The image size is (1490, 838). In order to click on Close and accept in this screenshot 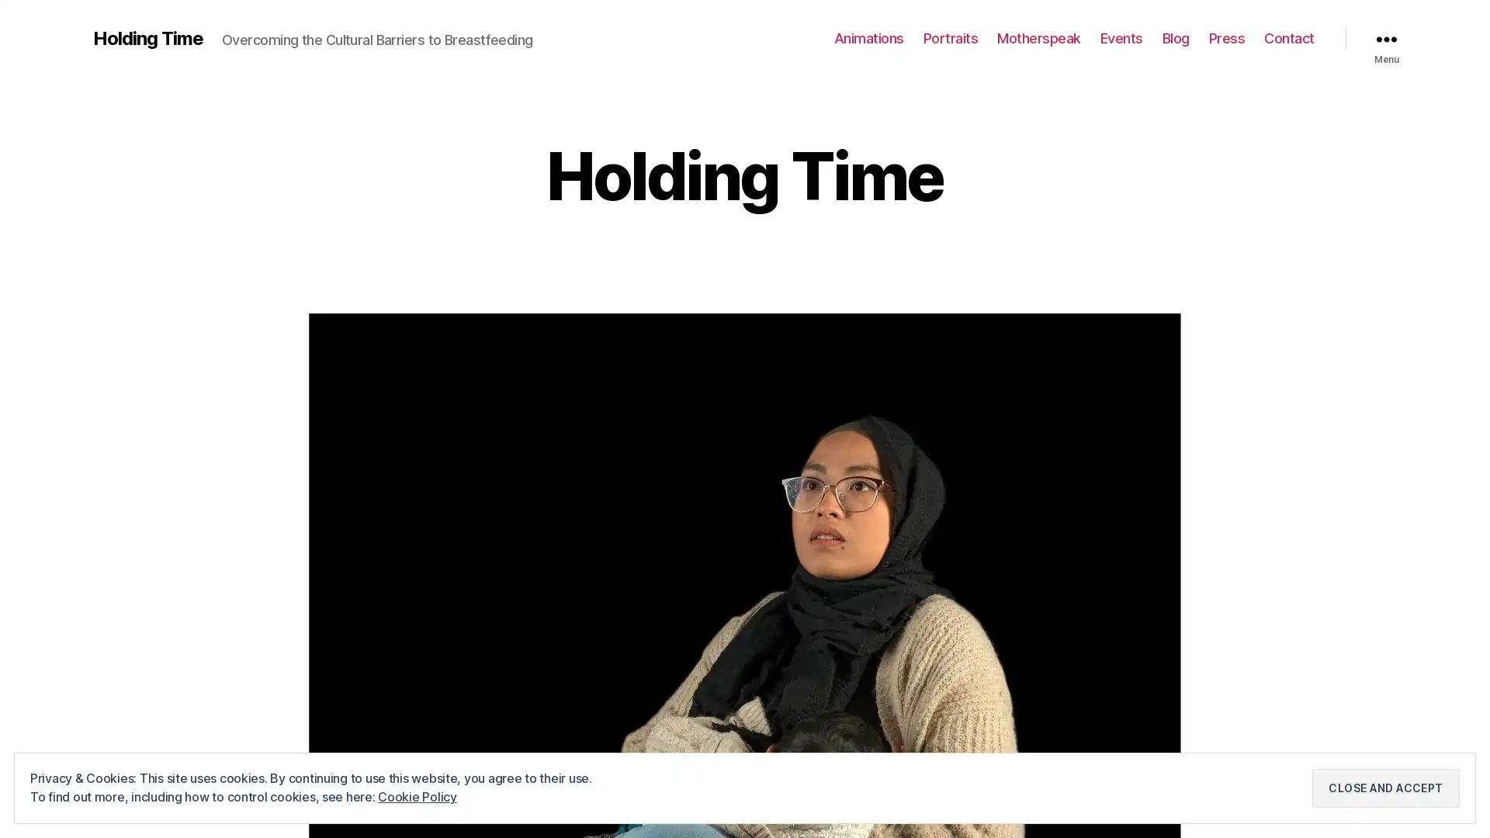, I will do `click(1385, 788)`.